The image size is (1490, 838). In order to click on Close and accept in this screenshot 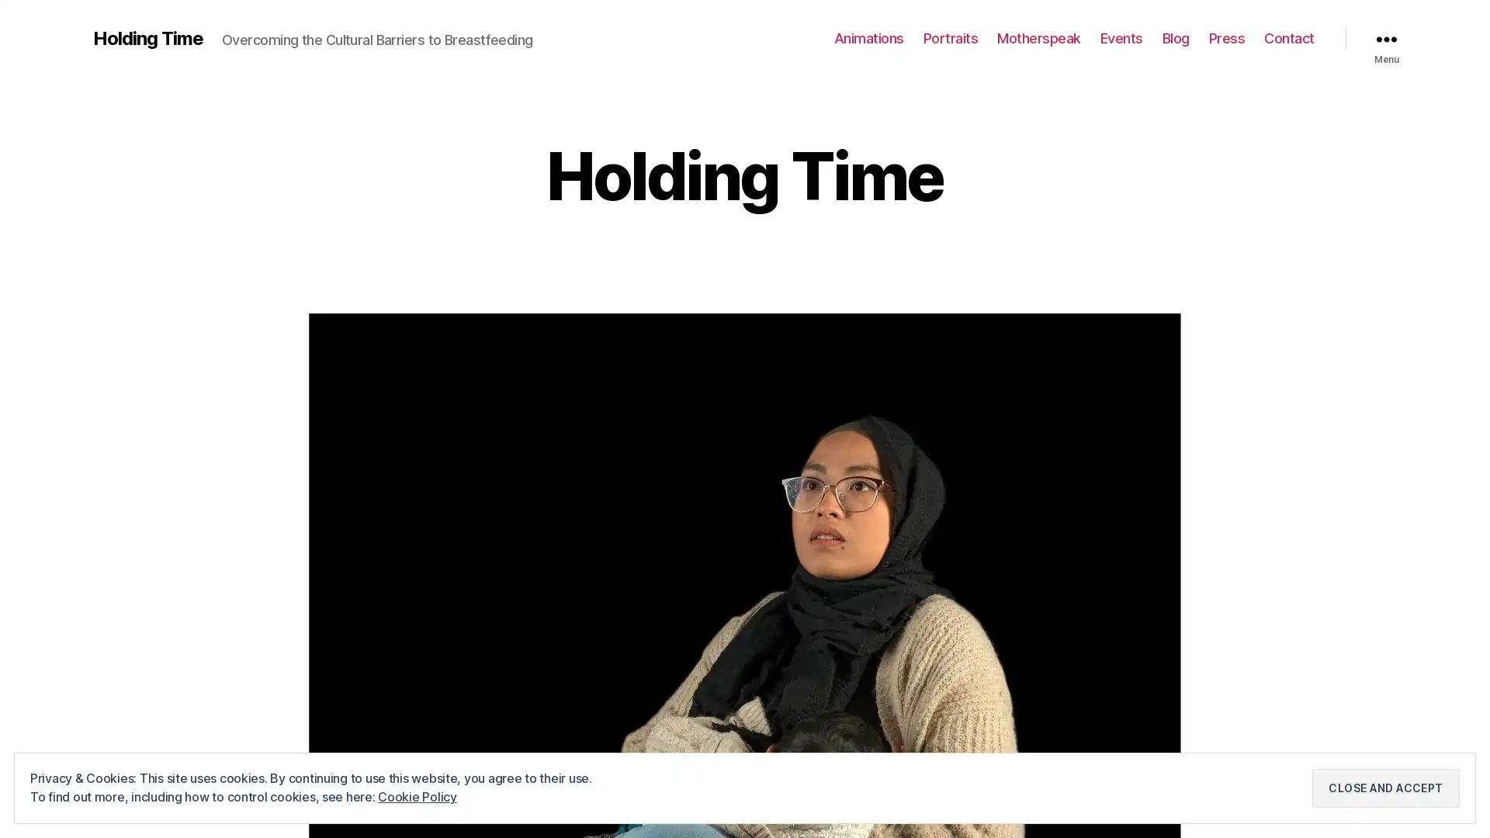, I will do `click(1385, 788)`.